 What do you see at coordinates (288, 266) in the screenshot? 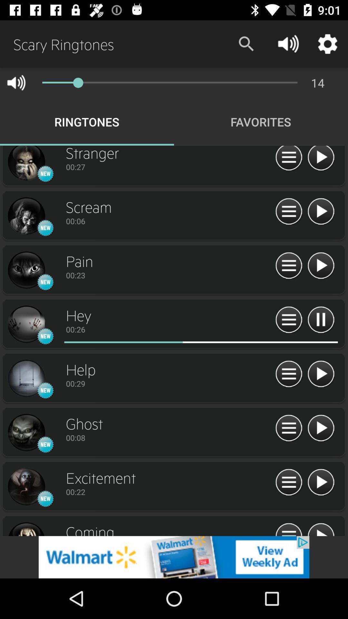
I see `music player` at bounding box center [288, 266].